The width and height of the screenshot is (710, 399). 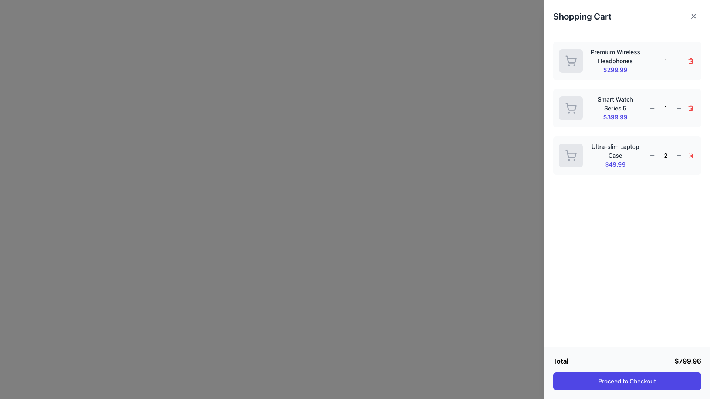 I want to click on the text label displaying the product name 'Premium Wireless Headphones' in the shopping cart interface, so click(x=615, y=56).